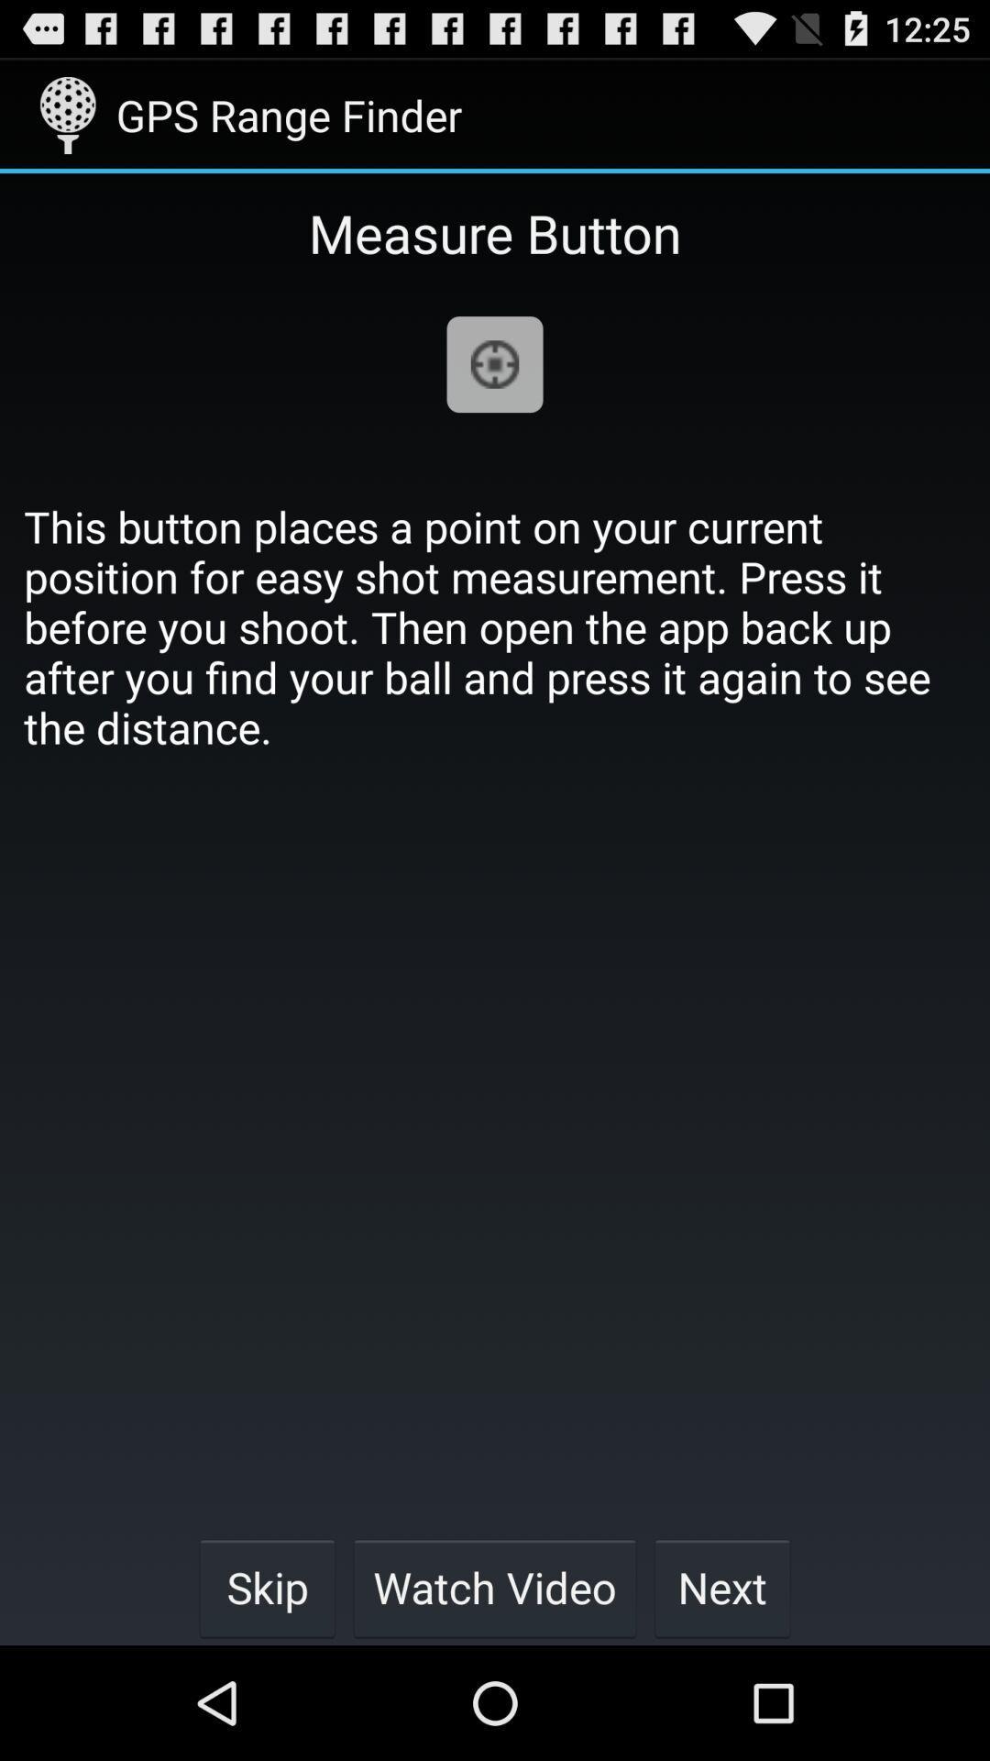 The height and width of the screenshot is (1761, 990). I want to click on button to the right of watch video, so click(721, 1587).